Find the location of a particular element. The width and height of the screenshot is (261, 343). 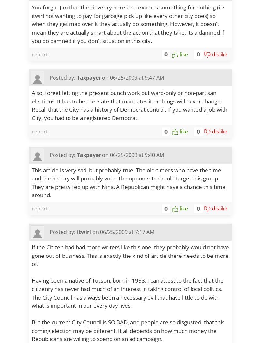

'You forgot Jim that the citizenry here also expects something for nothing (i.e. itwirl not wanting to pay for garbage pick up like every other city does) so when they get mad over it they actually do something. However, it doesn't mean they are actually smart about the action that they take, its a damned if you do damned if you don't situation in this city.' is located at coordinates (128, 23).